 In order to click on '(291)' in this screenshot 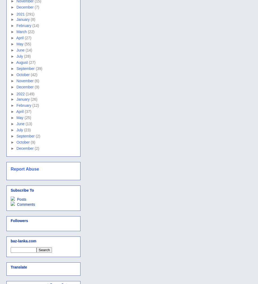, I will do `click(30, 14)`.